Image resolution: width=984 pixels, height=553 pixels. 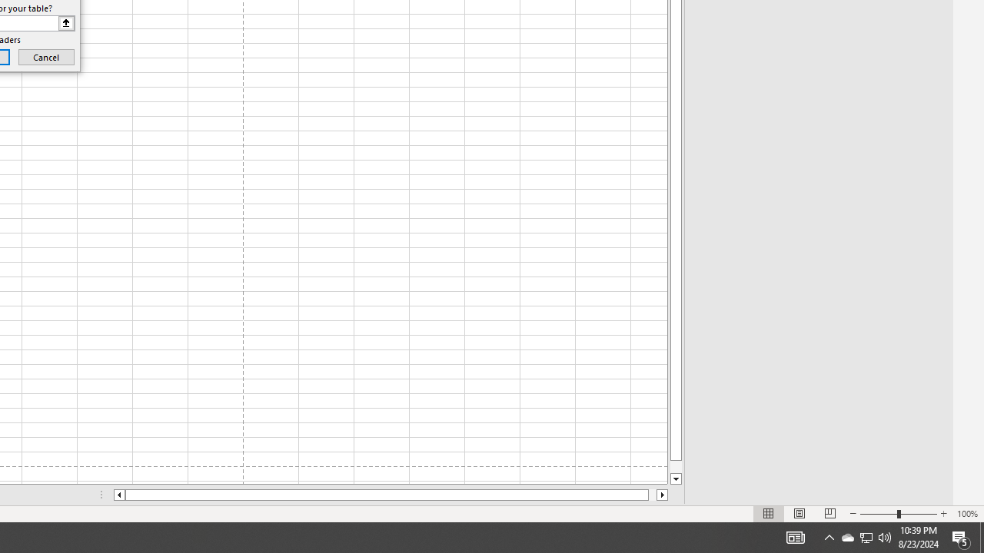 What do you see at coordinates (676, 478) in the screenshot?
I see `'Line down'` at bounding box center [676, 478].